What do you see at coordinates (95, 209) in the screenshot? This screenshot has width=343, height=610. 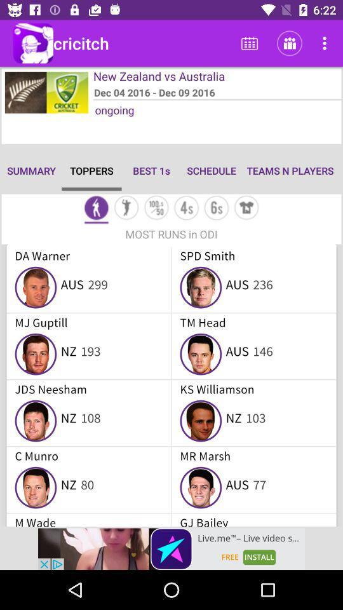 I see `the facebook icon` at bounding box center [95, 209].